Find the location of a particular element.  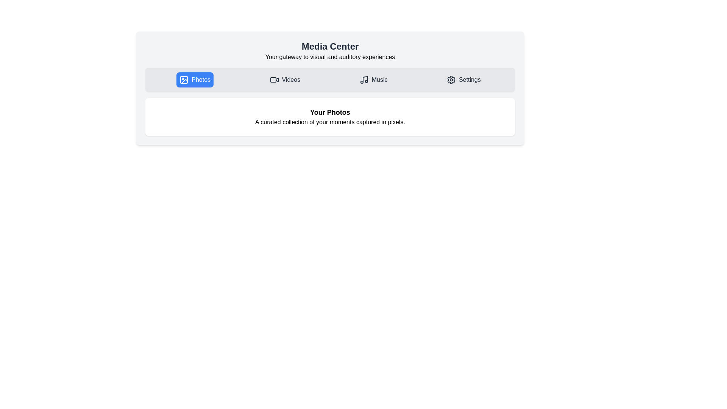

the 'Music' button located in the horizontal menu, which has a music note icon and gray background is located at coordinates (373, 80).